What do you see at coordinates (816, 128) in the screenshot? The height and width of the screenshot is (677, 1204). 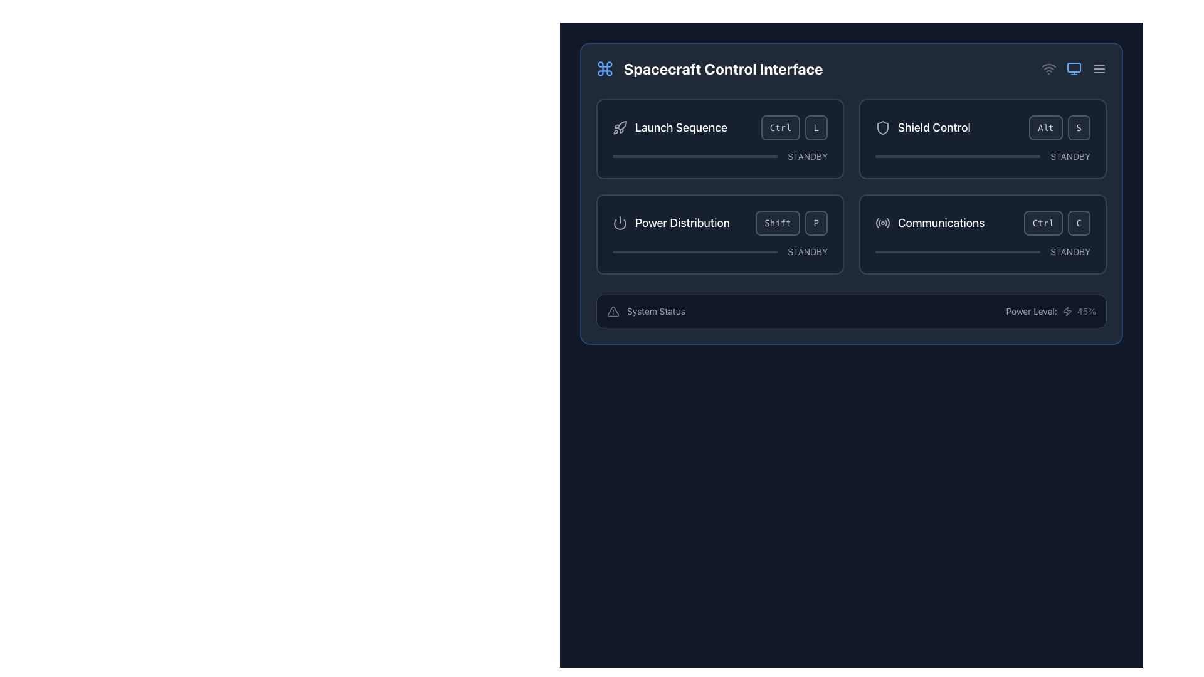 I see `the 'L' keyboard key button located within the 'Launch Sequence' section to simulate pressing the key` at bounding box center [816, 128].